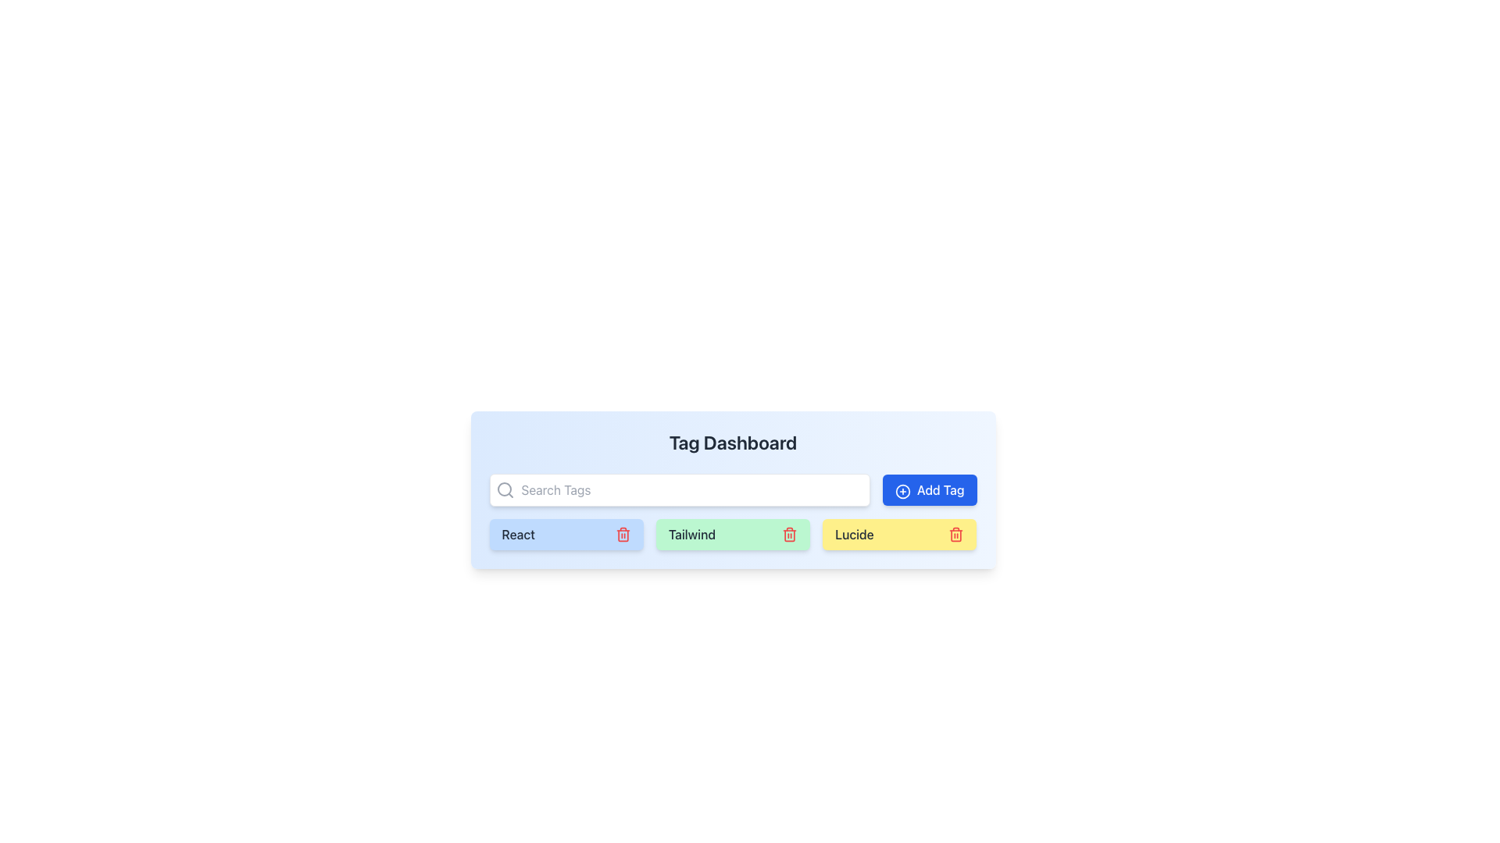 The image size is (1500, 843). What do you see at coordinates (504, 489) in the screenshot?
I see `the SVG circle element that is part of the search-related UI component, located to the left of the 'Search Tags' input placeholder` at bounding box center [504, 489].